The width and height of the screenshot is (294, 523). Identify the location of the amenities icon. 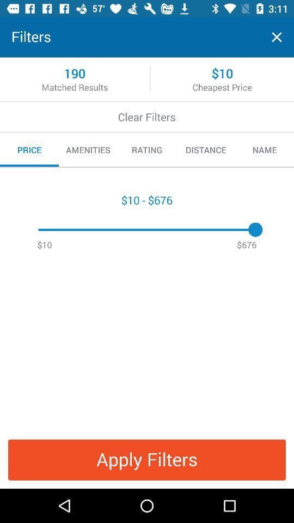
(88, 149).